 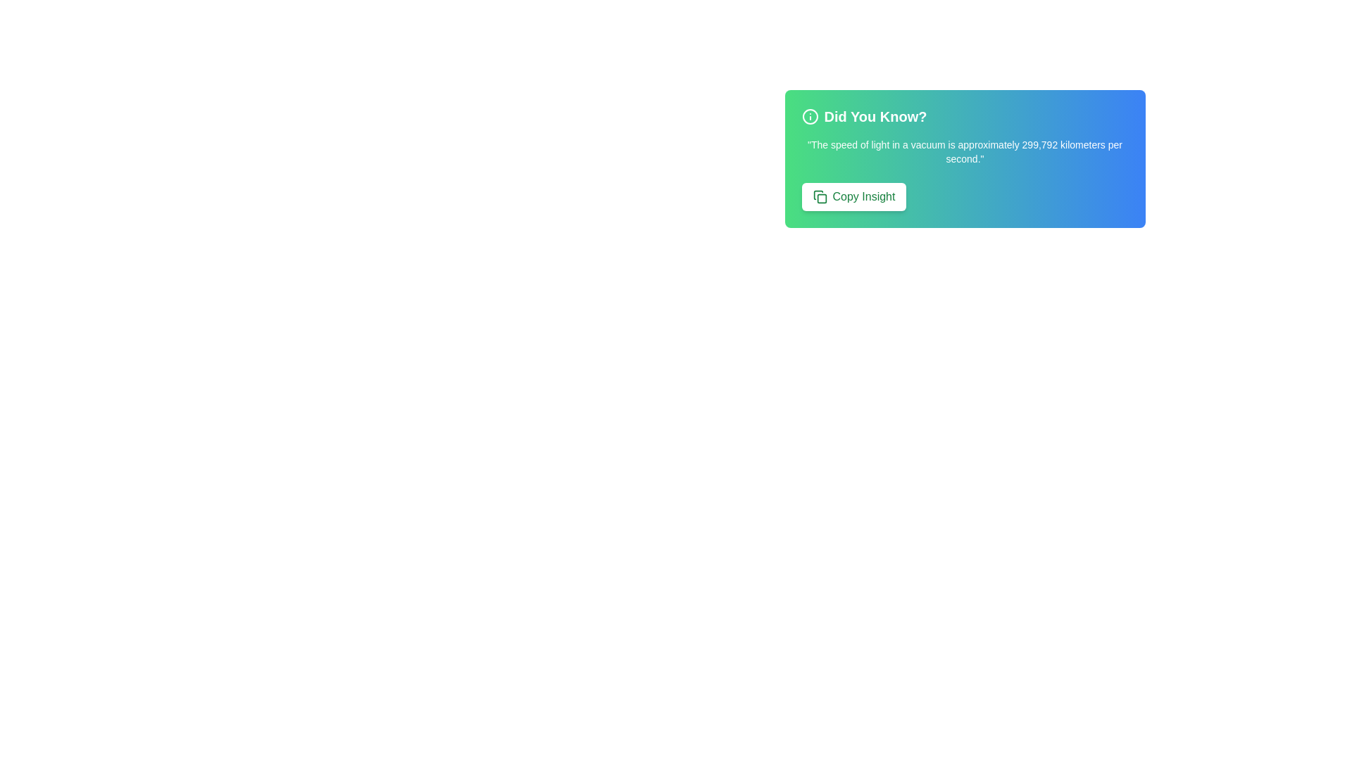 What do you see at coordinates (810, 115) in the screenshot?
I see `the SVG Circle located at the top-left corner of a card-like component, which is part of an icon group with three overlapping components` at bounding box center [810, 115].